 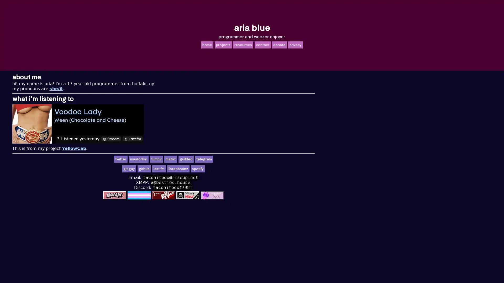 I want to click on matrix, so click(x=259, y=159).